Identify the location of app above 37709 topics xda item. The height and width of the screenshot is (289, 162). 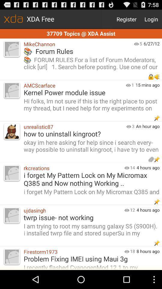
(151, 19).